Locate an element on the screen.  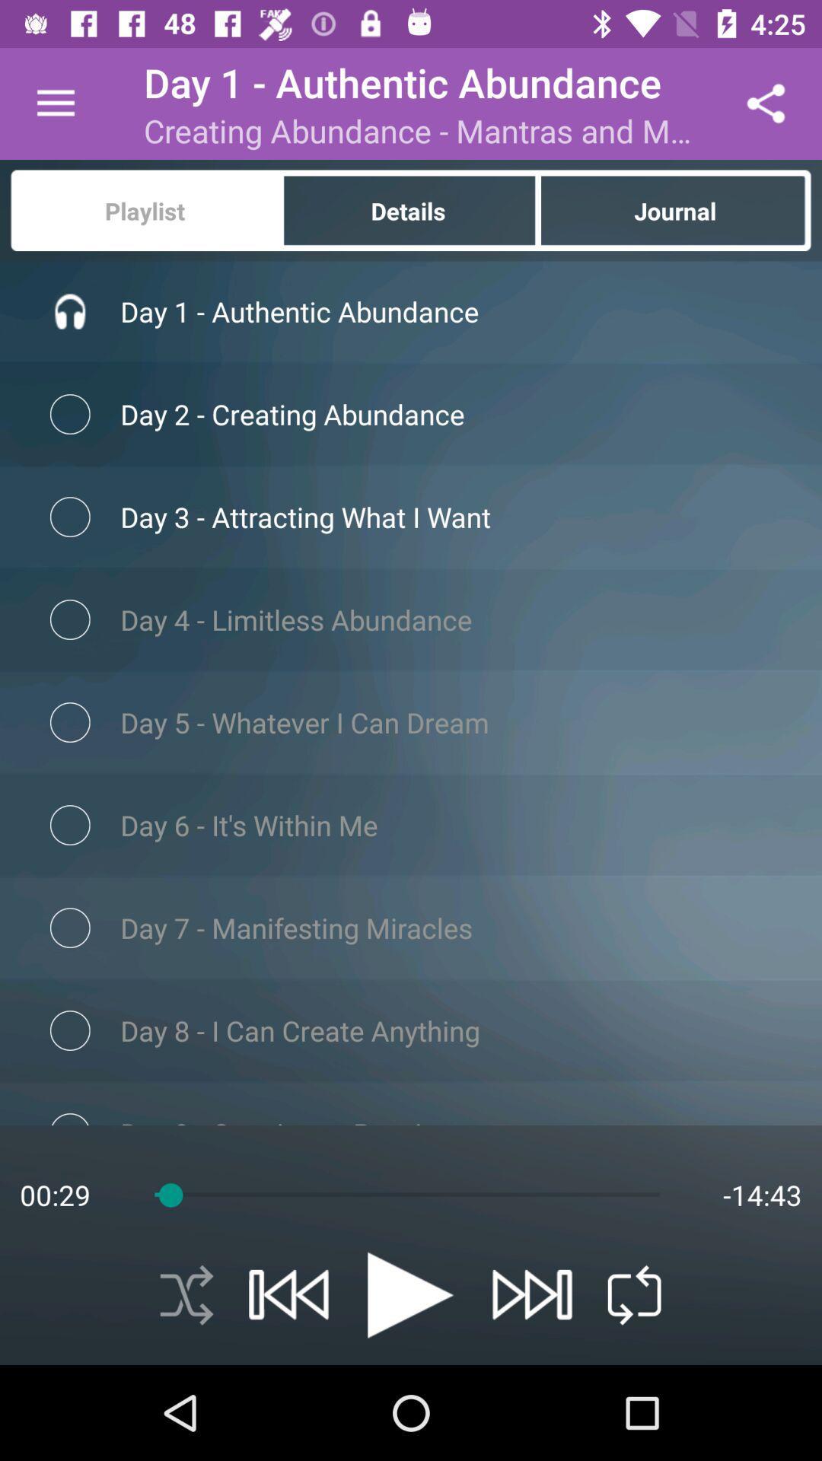
the icon above the playlist is located at coordinates (55, 103).